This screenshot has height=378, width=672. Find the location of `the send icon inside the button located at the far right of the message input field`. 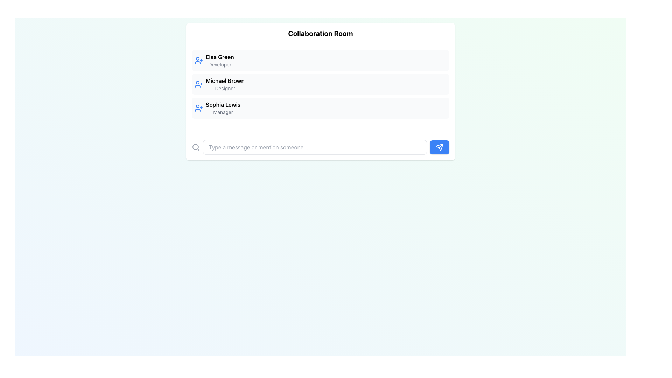

the send icon inside the button located at the far right of the message input field is located at coordinates (439, 147).